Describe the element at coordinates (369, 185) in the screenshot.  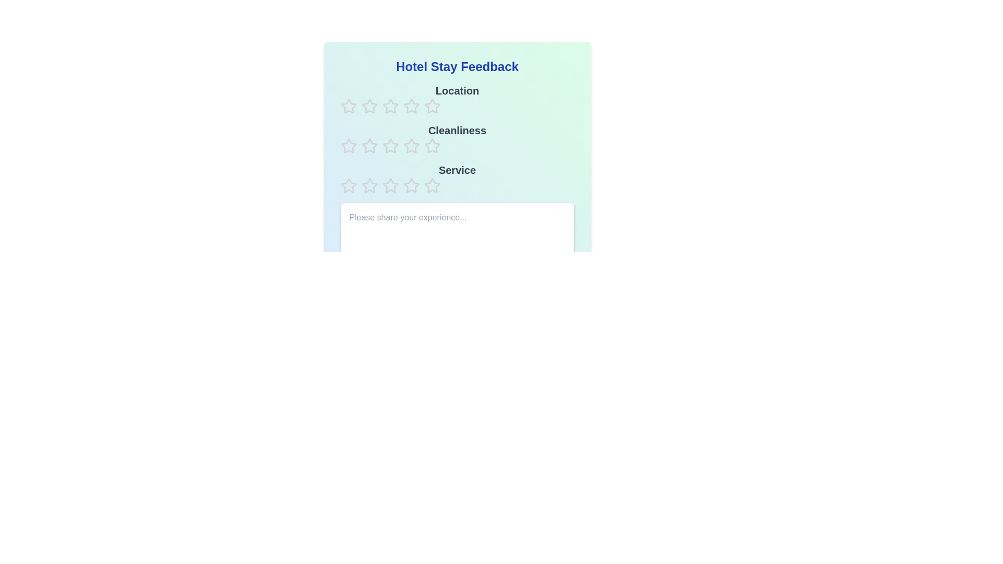
I see `the first star in the third row labeled 'Service' in the feedback form to rate it` at that location.